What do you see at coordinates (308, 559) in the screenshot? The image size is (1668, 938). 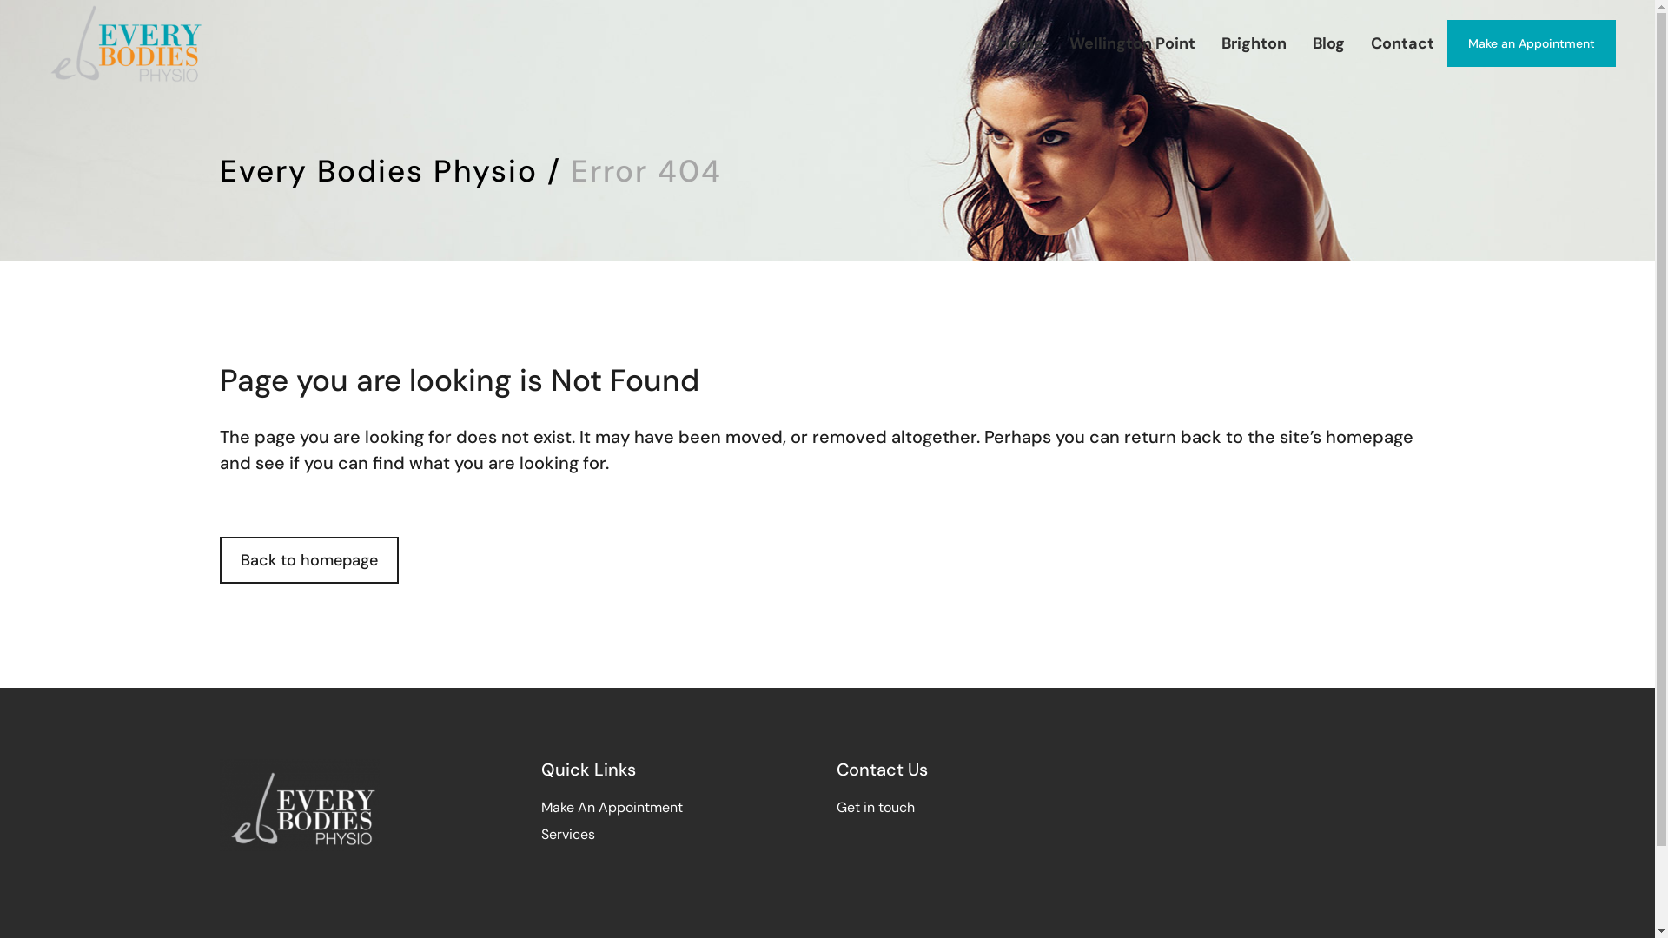 I see `'Back to homepage'` at bounding box center [308, 559].